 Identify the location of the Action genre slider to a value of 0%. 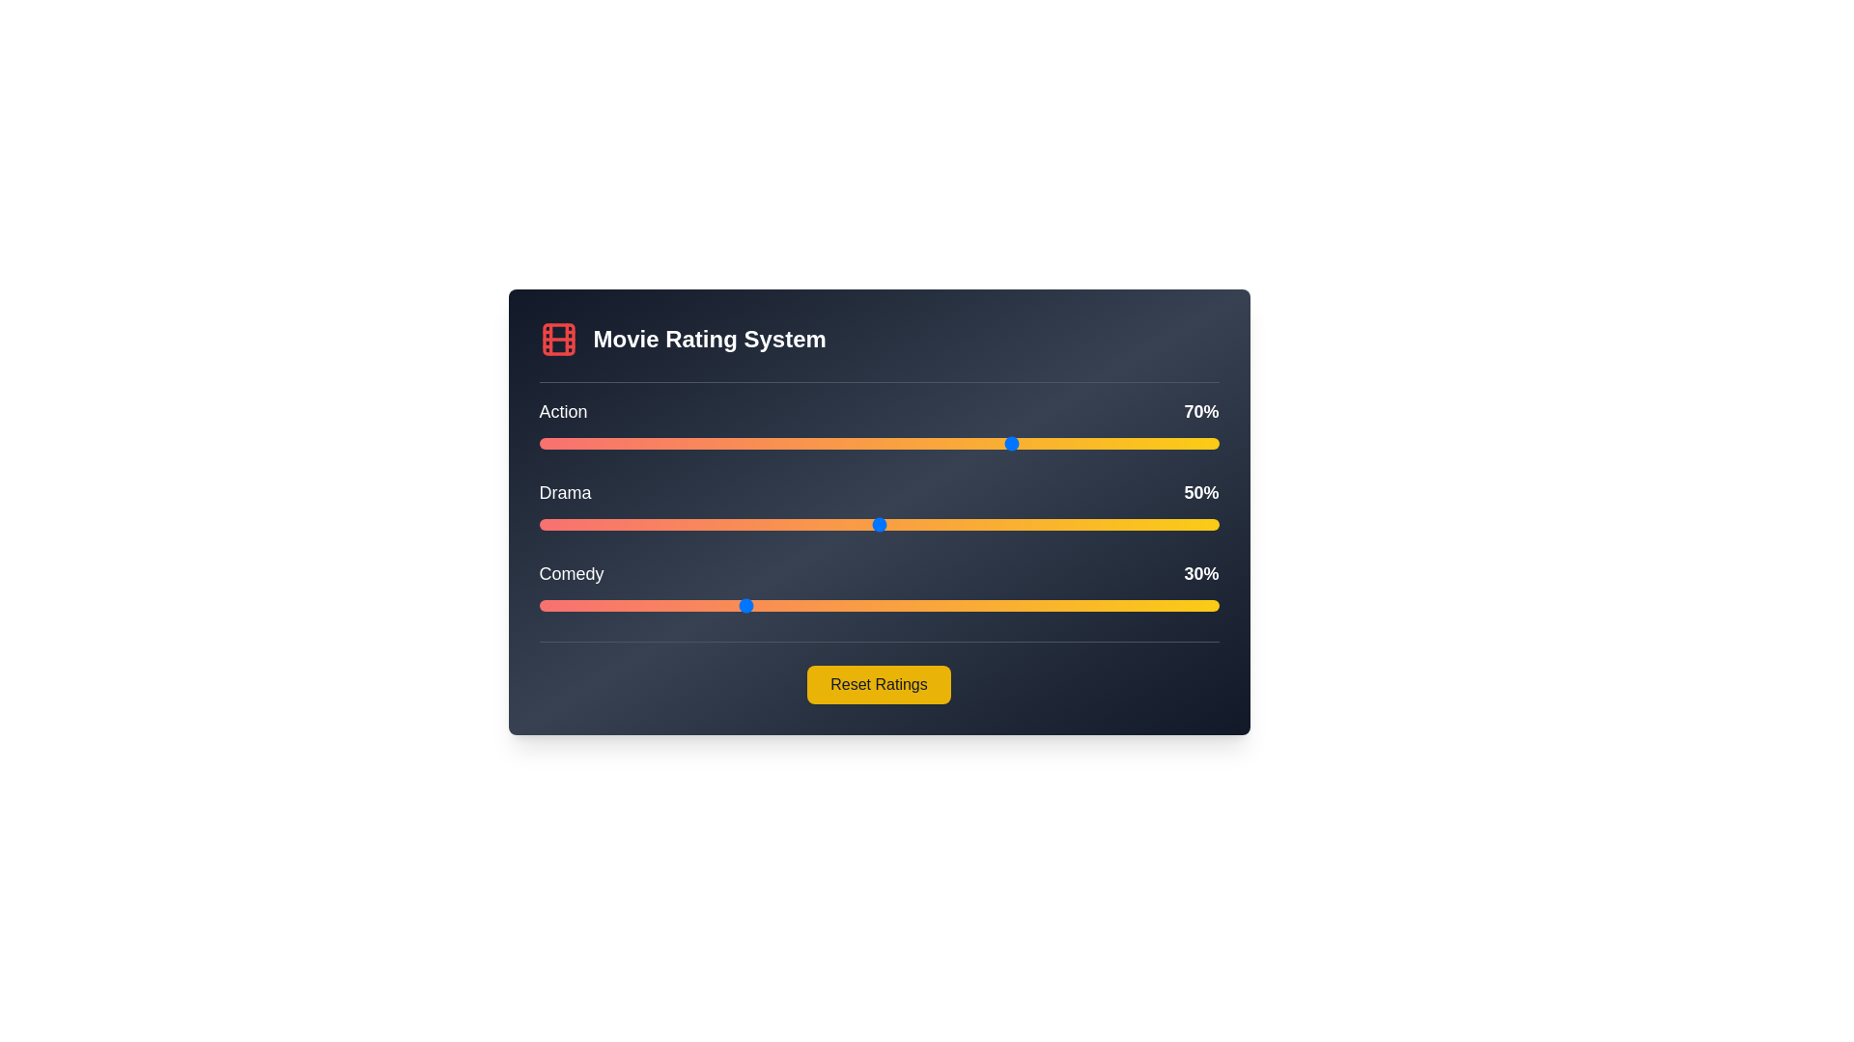
(539, 443).